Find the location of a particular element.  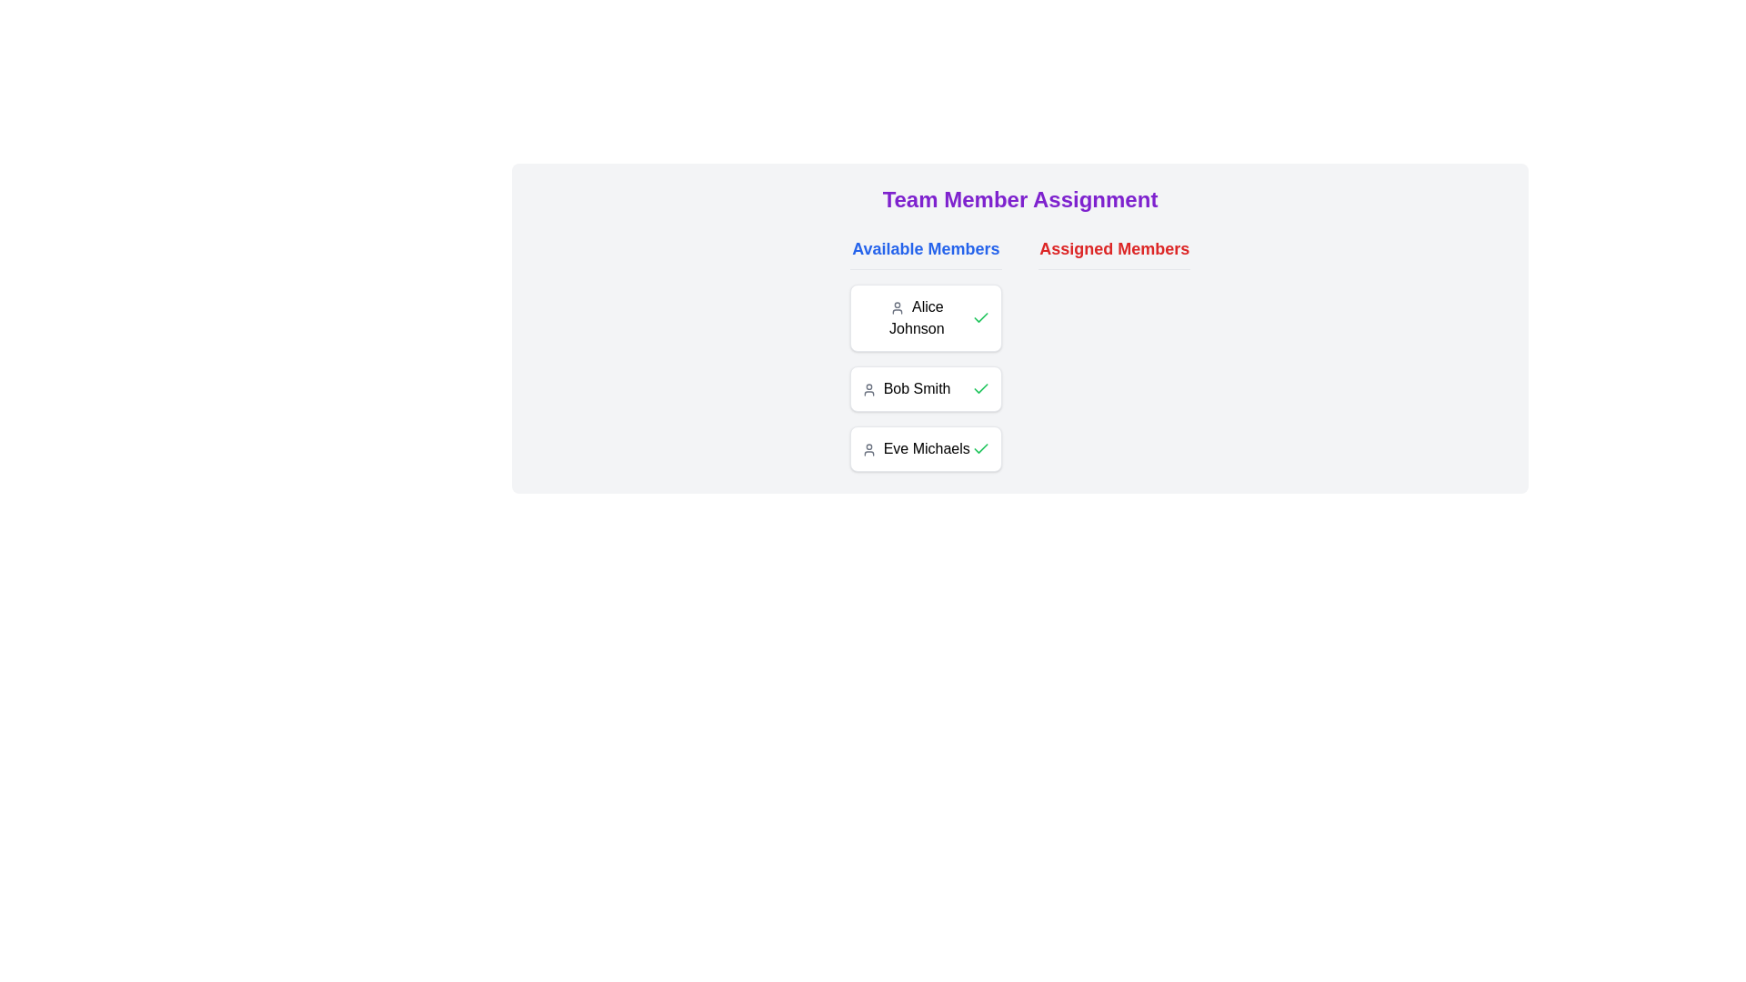

the user card displaying the name 'Bob Smith' located is located at coordinates (926, 388).